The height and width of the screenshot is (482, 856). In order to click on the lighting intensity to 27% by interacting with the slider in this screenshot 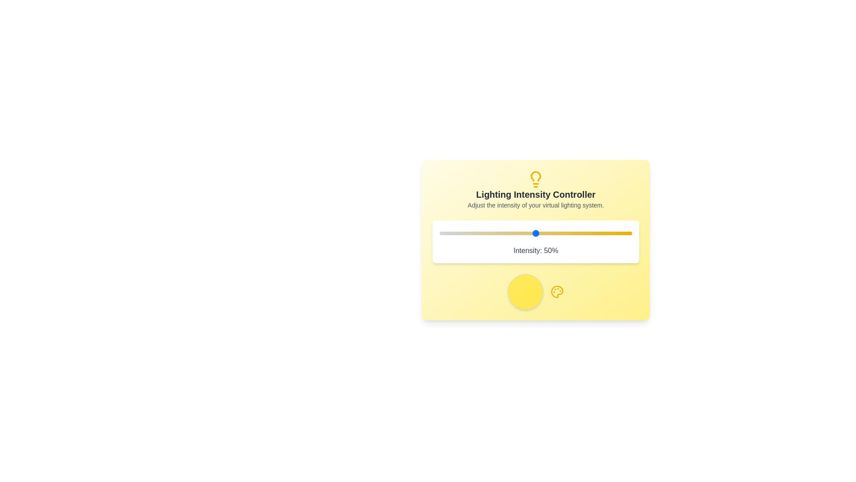, I will do `click(491, 233)`.